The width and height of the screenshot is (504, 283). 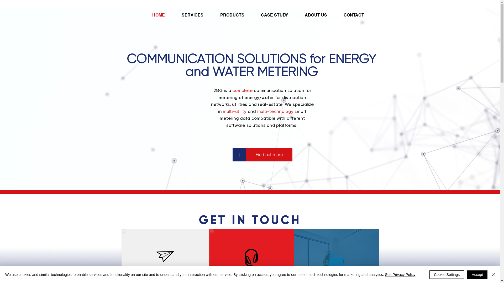 I want to click on 'SERVICES', so click(x=196, y=15).